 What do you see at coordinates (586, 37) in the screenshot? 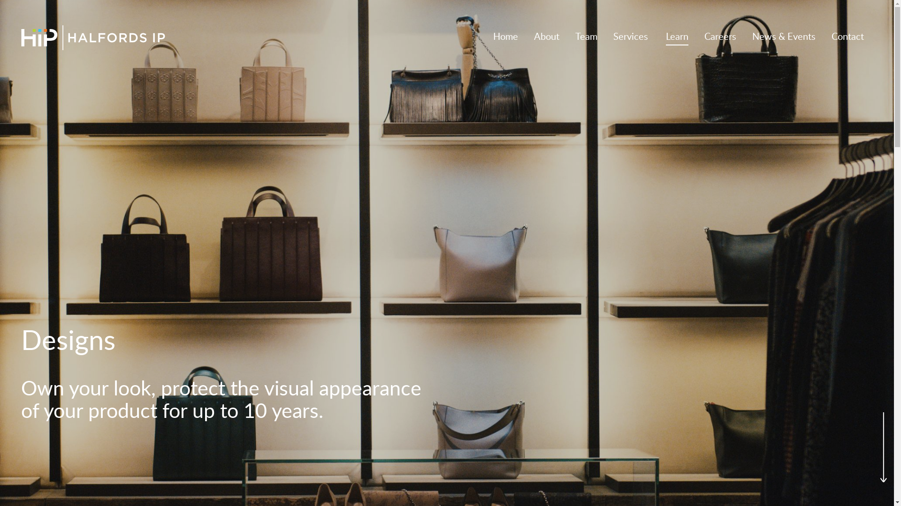
I see `'Team'` at bounding box center [586, 37].